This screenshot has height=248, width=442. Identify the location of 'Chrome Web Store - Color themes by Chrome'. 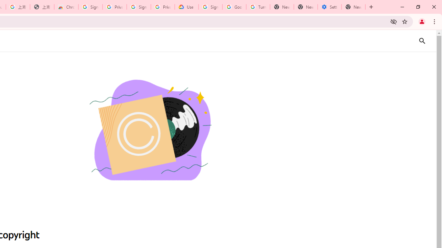
(66, 7).